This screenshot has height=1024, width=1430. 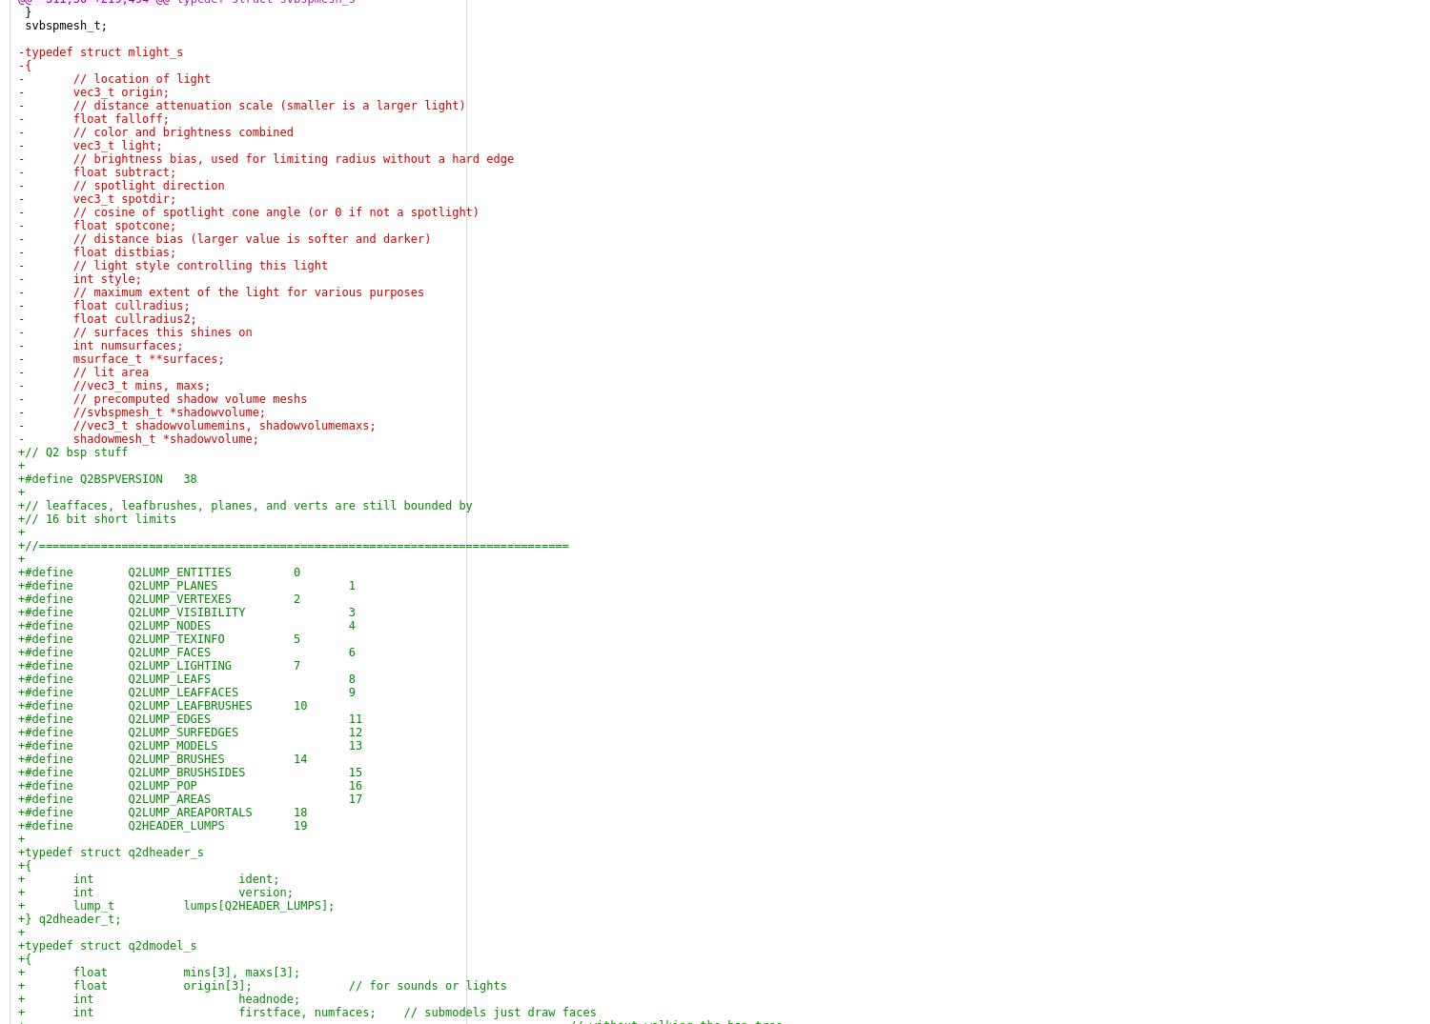 What do you see at coordinates (96, 197) in the screenshot?
I see `'-       vec3_t spotdir;'` at bounding box center [96, 197].